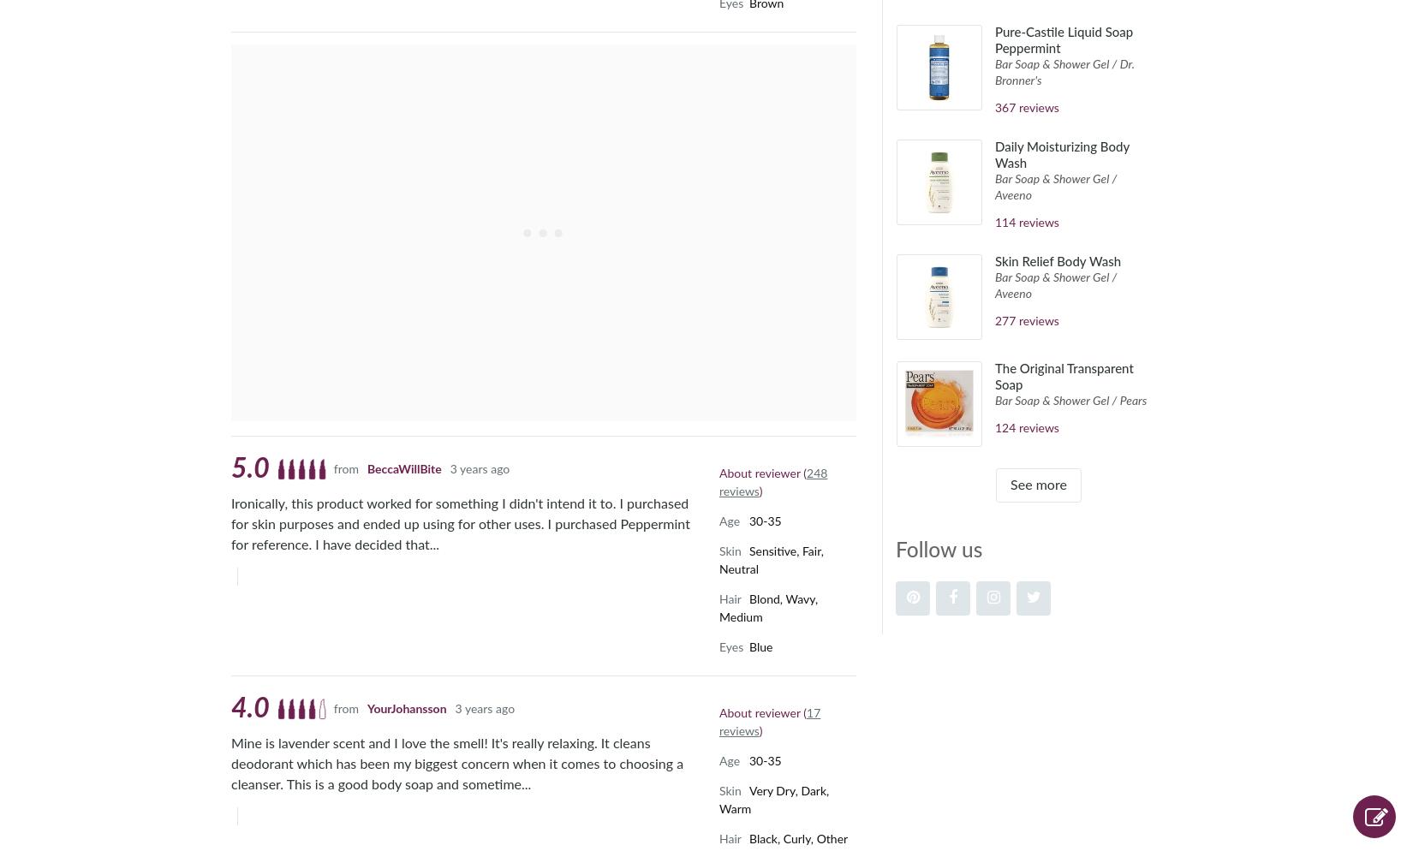 The image size is (1413, 857). What do you see at coordinates (769, 721) in the screenshot?
I see `'17 reviews'` at bounding box center [769, 721].